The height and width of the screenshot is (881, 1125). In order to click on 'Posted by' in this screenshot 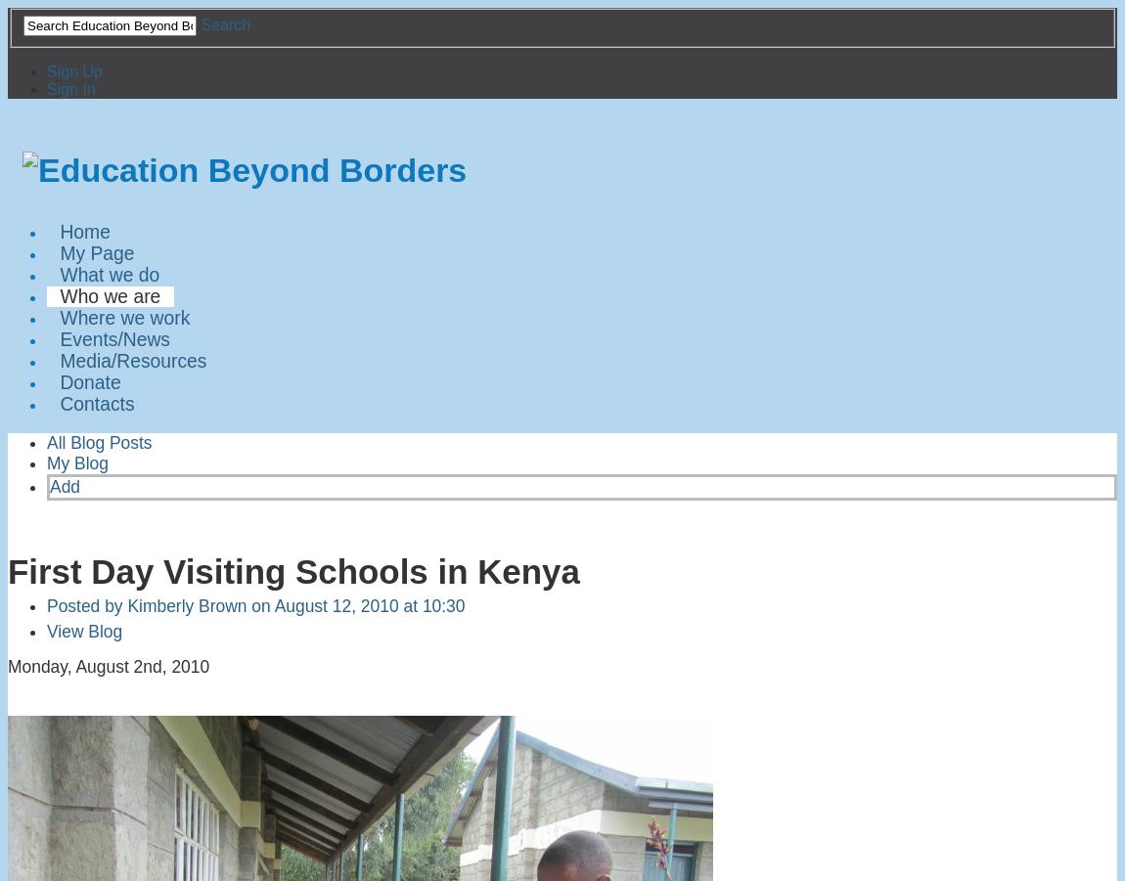, I will do `click(86, 603)`.